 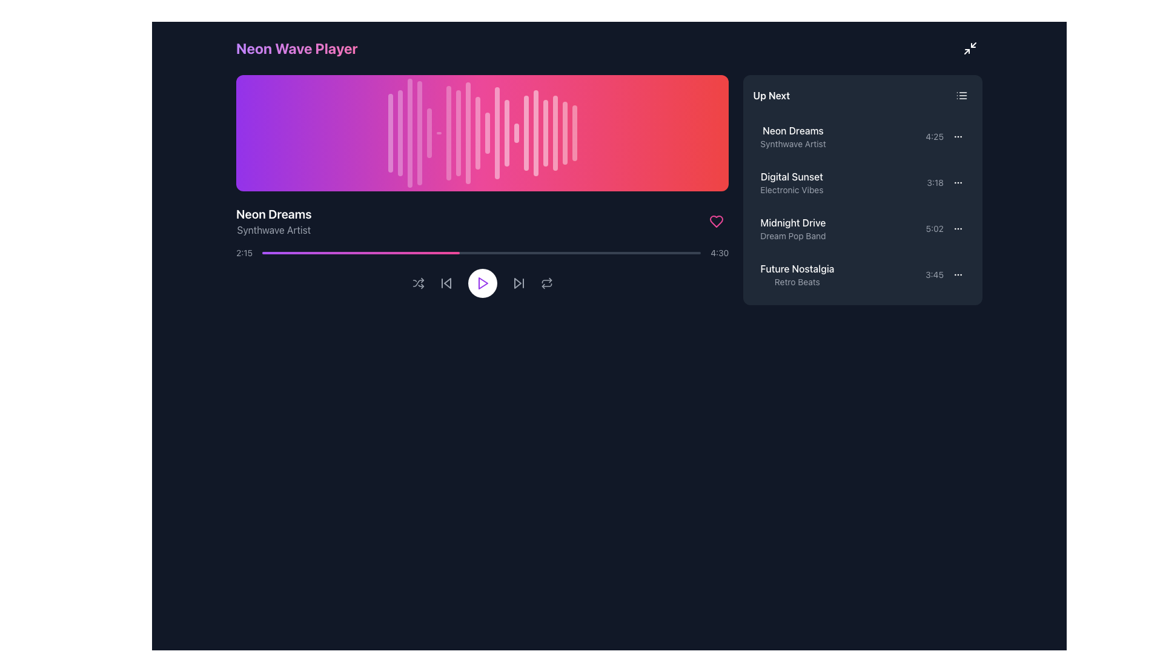 What do you see at coordinates (517, 283) in the screenshot?
I see `the triangular skip-forward icon located at the center of the bottom control panel, to the right of the play button` at bounding box center [517, 283].